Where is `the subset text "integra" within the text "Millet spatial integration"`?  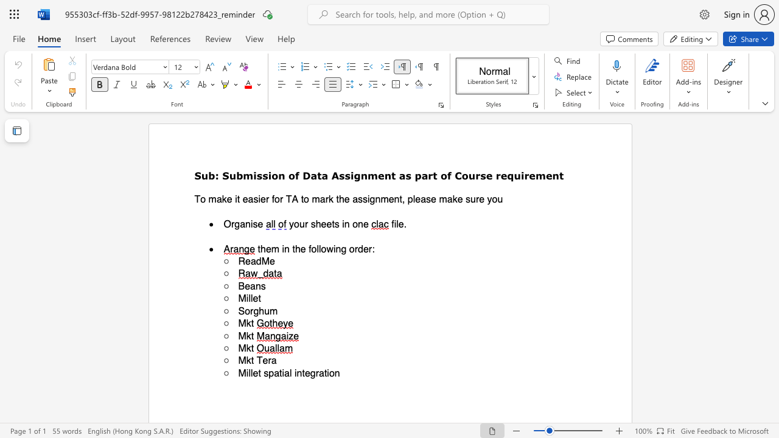 the subset text "integra" within the text "Millet spatial integration" is located at coordinates (294, 372).